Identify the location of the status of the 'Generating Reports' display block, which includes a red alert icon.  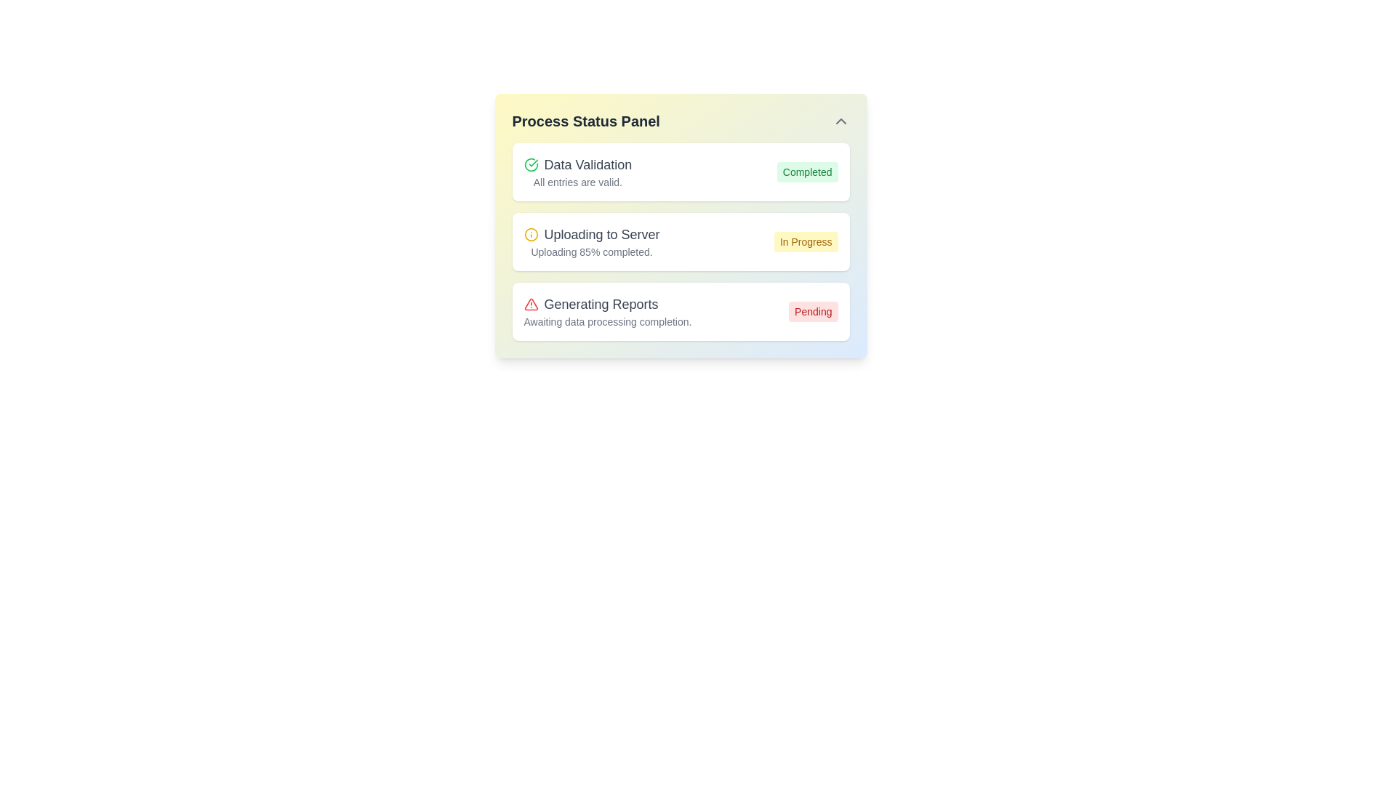
(680, 310).